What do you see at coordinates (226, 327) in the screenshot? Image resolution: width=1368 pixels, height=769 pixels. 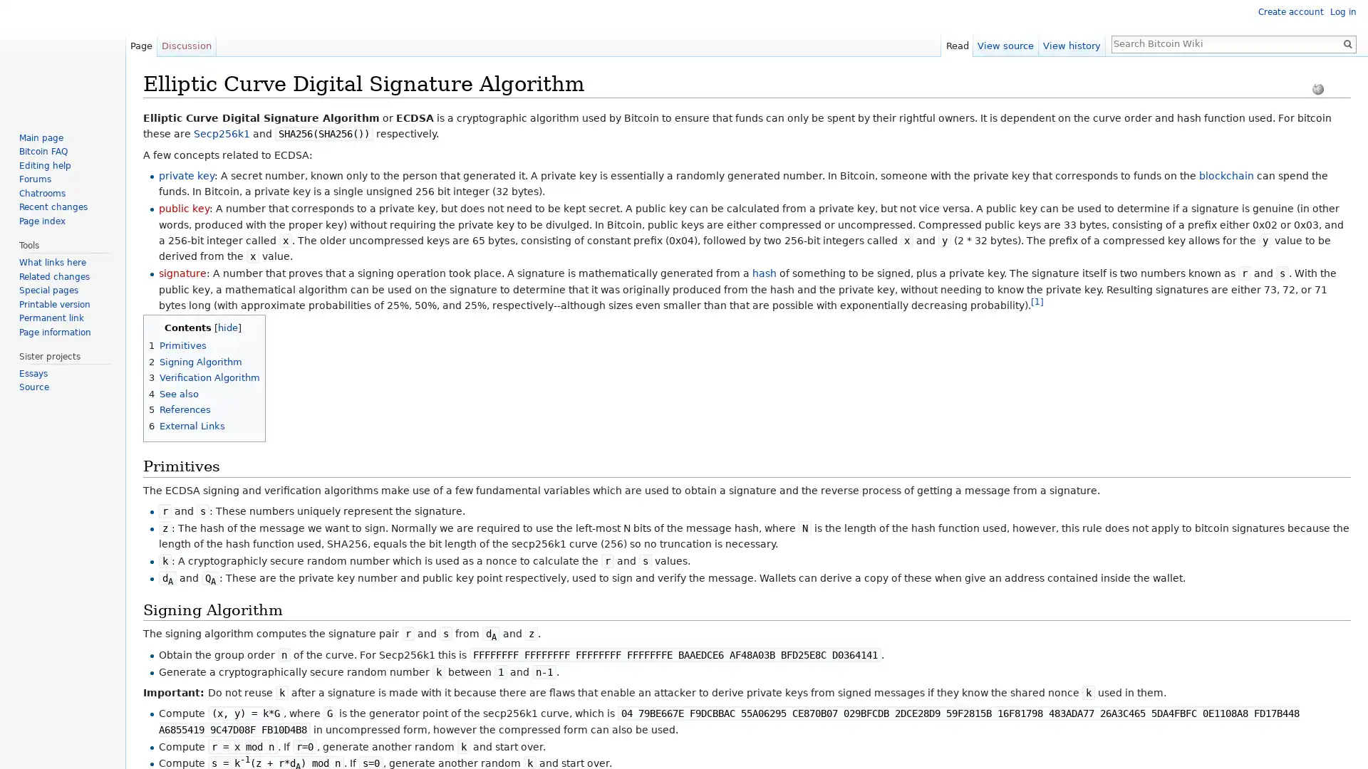 I see `hide` at bounding box center [226, 327].